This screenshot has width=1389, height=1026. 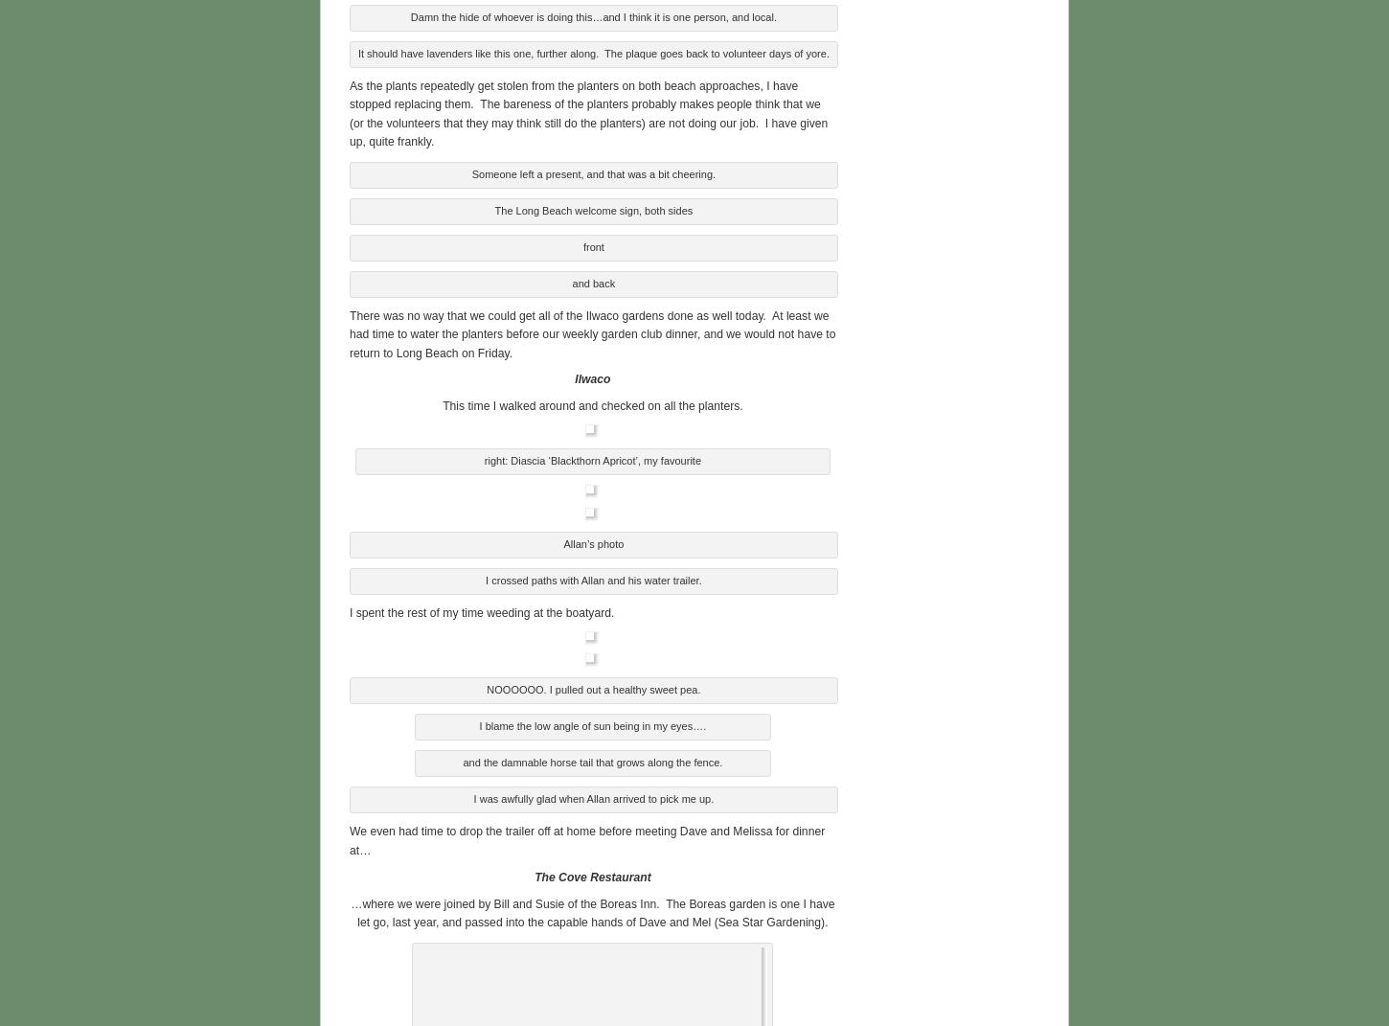 What do you see at coordinates (592, 244) in the screenshot?
I see `'front'` at bounding box center [592, 244].